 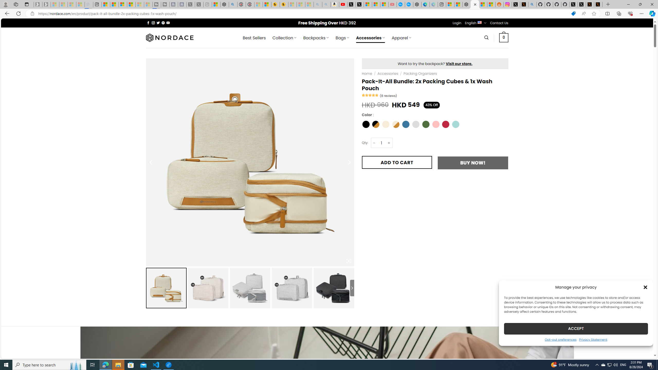 What do you see at coordinates (317, 4) in the screenshot?
I see `'amazon - Search - Sleeping'` at bounding box center [317, 4].